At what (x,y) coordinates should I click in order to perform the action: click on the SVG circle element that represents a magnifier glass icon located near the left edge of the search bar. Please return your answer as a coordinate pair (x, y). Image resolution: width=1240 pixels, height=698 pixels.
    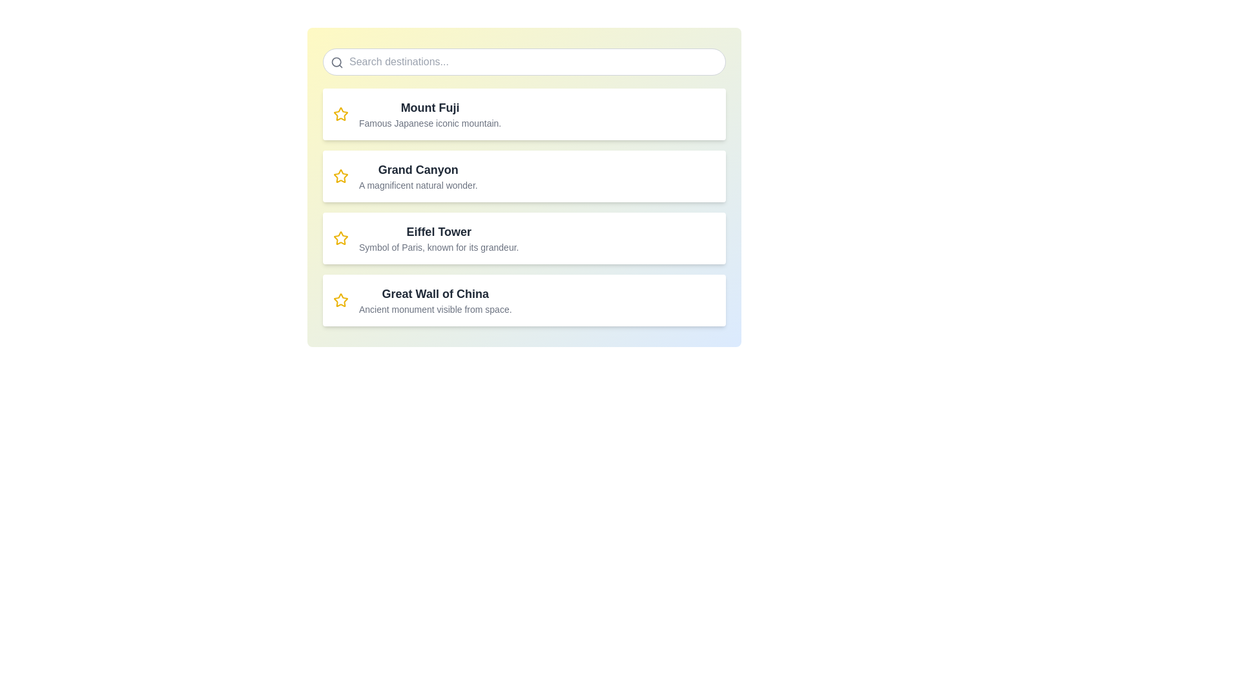
    Looking at the image, I should click on (336, 62).